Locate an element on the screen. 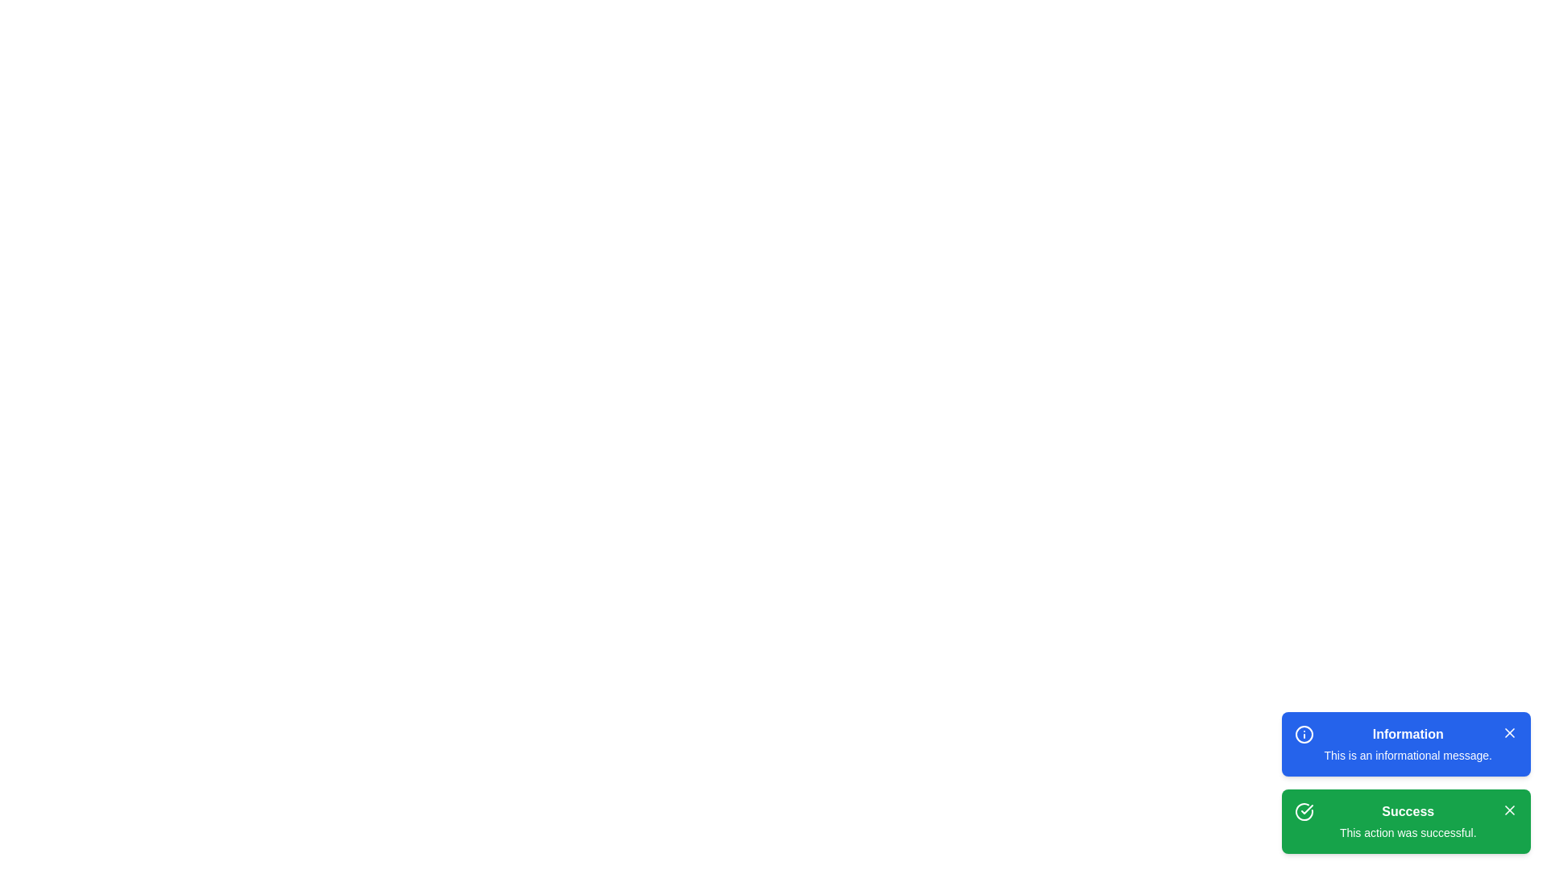  static text message 'This action was successful.' displayed in white on a green background located in the bottom right notification panel is located at coordinates (1407, 832).